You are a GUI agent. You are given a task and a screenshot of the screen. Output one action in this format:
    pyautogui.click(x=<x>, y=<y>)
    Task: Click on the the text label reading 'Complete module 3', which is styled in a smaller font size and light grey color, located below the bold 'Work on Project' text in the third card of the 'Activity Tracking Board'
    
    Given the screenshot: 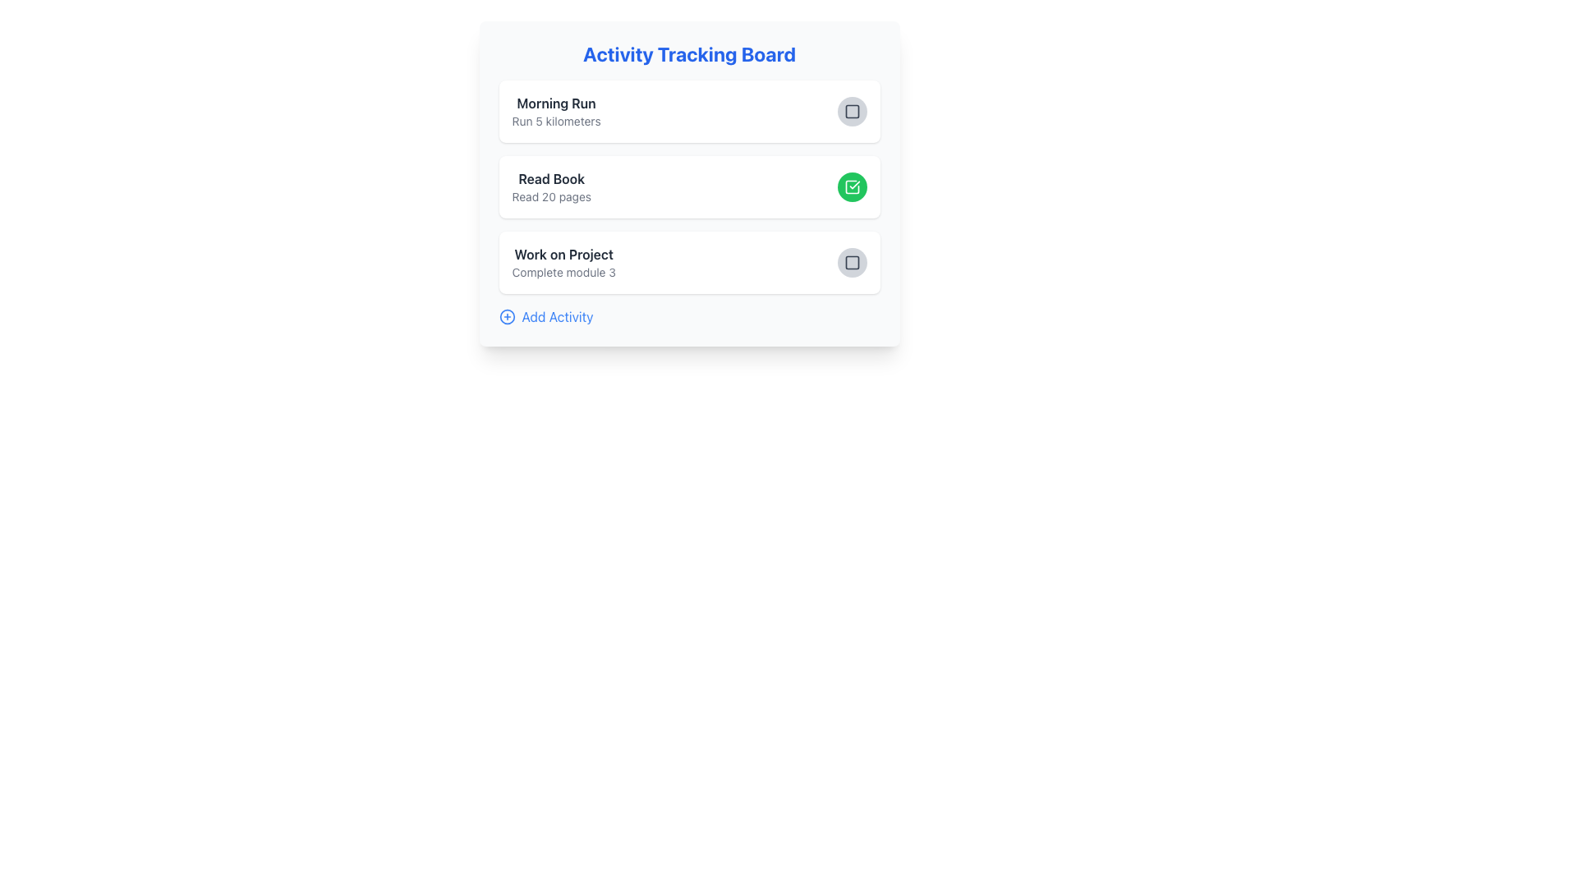 What is the action you would take?
    pyautogui.click(x=563, y=271)
    